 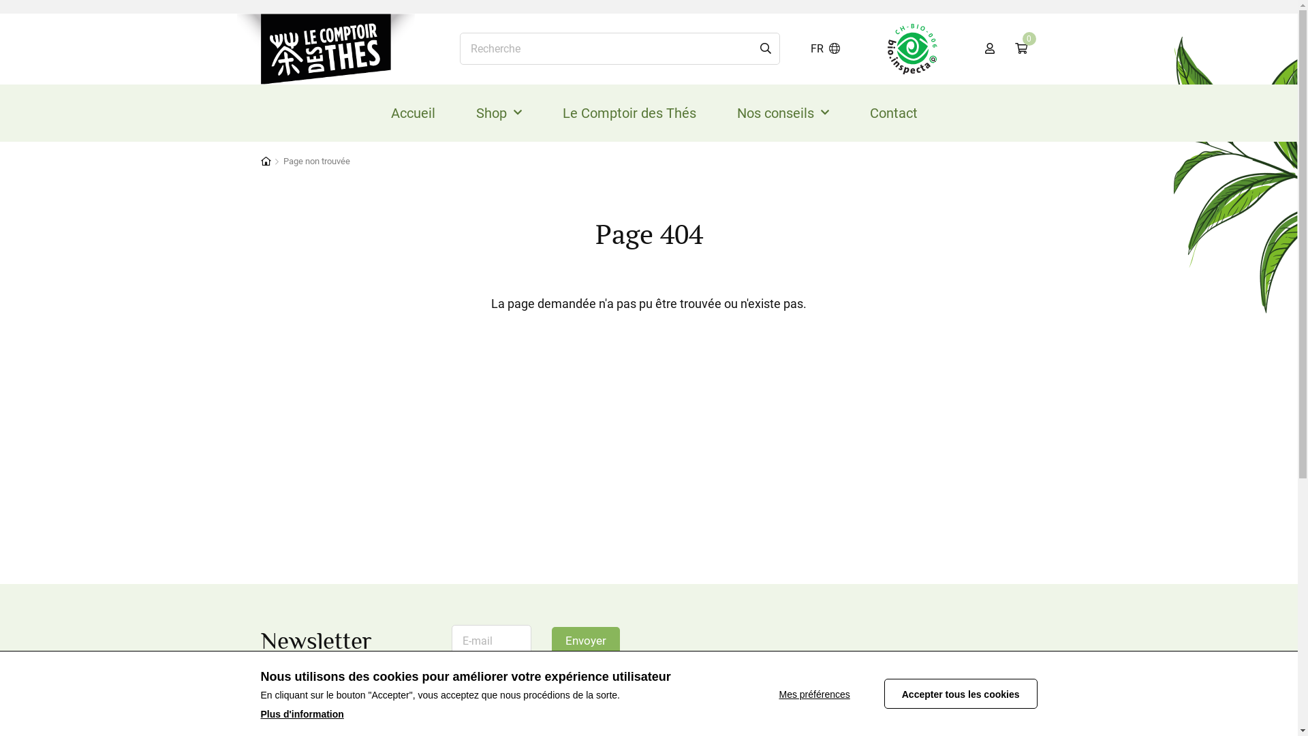 What do you see at coordinates (893, 112) in the screenshot?
I see `'Contact'` at bounding box center [893, 112].